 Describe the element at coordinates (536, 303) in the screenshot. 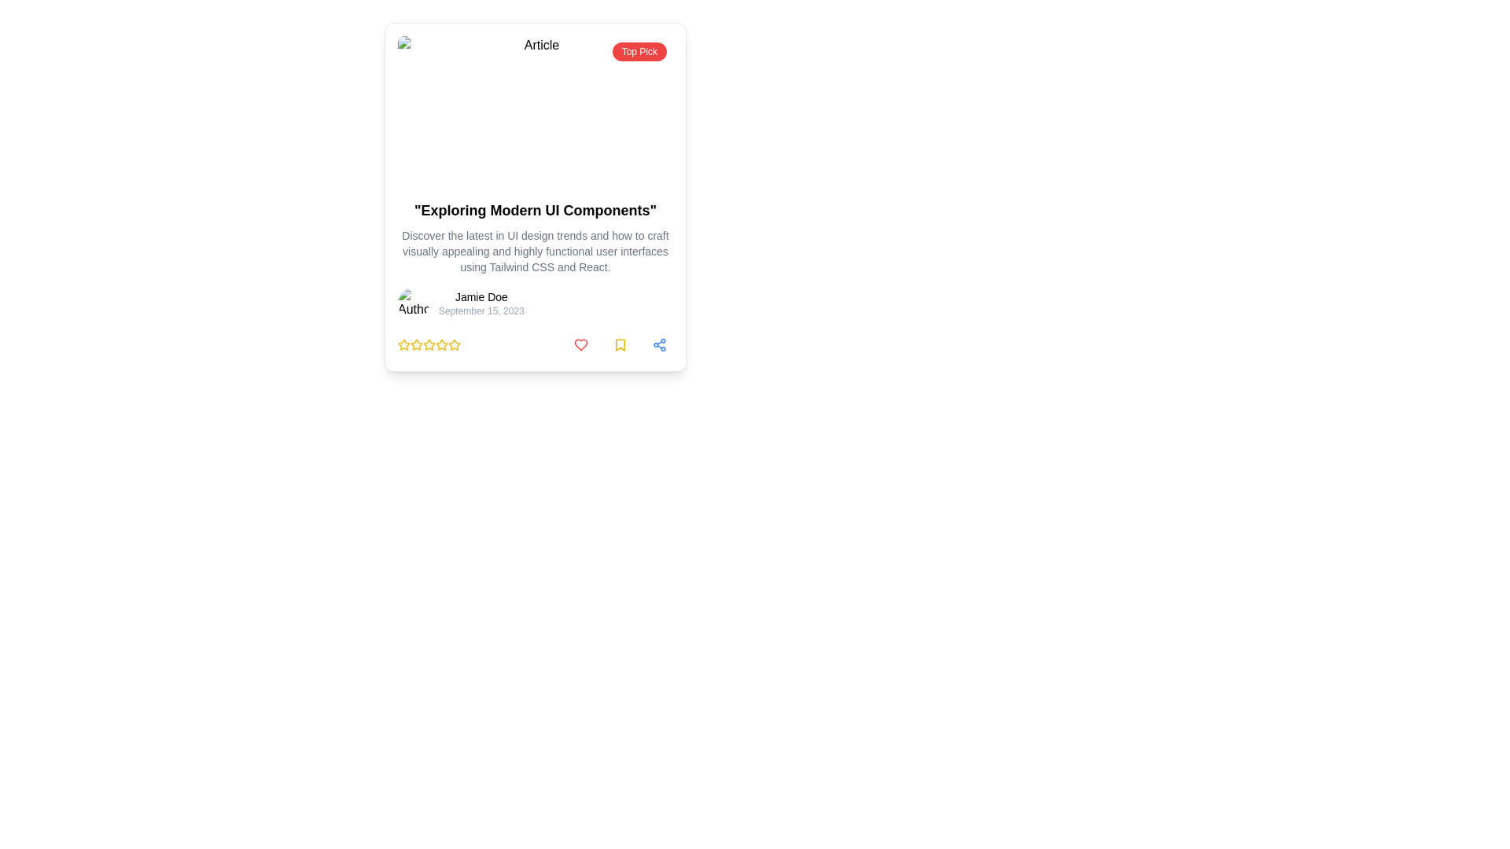

I see `the Author Information Section located below the article subheading` at that location.